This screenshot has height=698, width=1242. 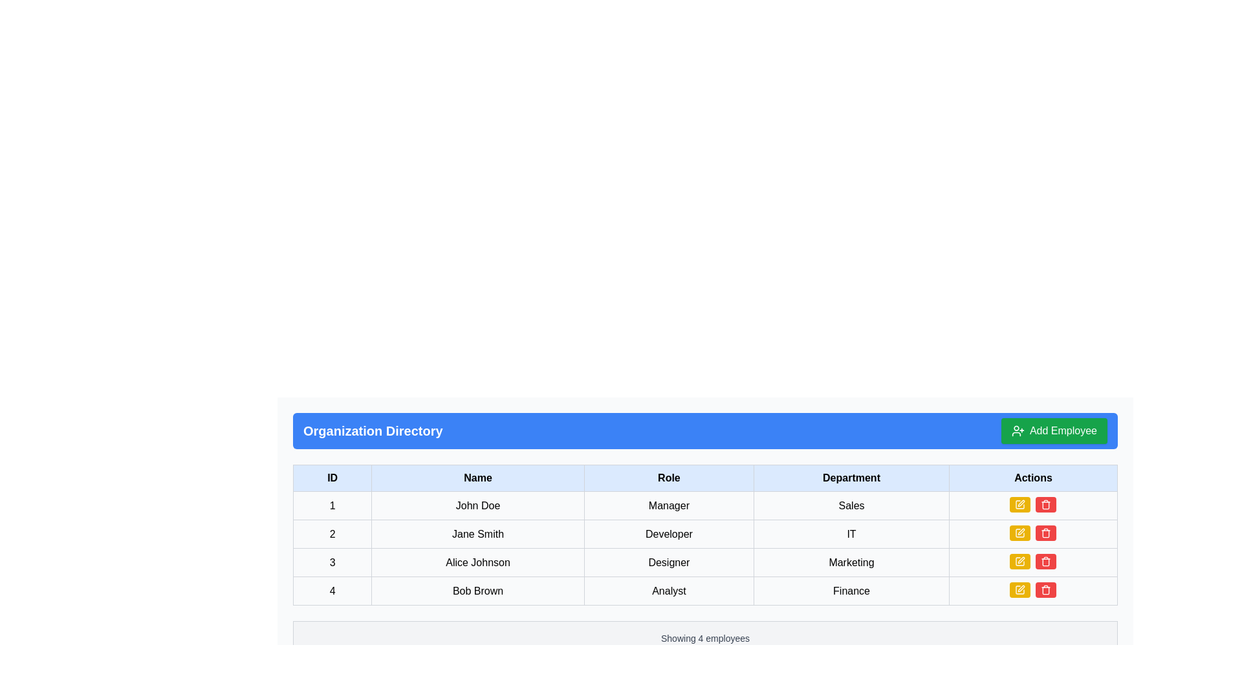 I want to click on the static text cell that represents the department designation for the employee in the first row of the data table, located in the fourth column, adjacent to the 'Manager' cell on the left and an action-button cell on the right, so click(x=851, y=505).